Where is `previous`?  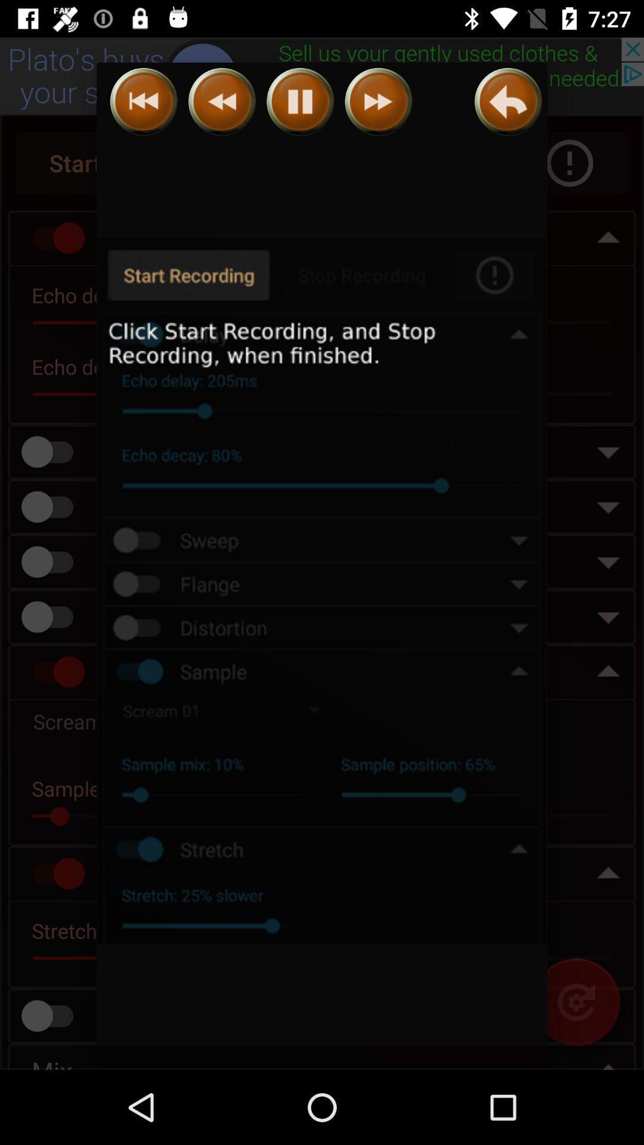
previous is located at coordinates (508, 101).